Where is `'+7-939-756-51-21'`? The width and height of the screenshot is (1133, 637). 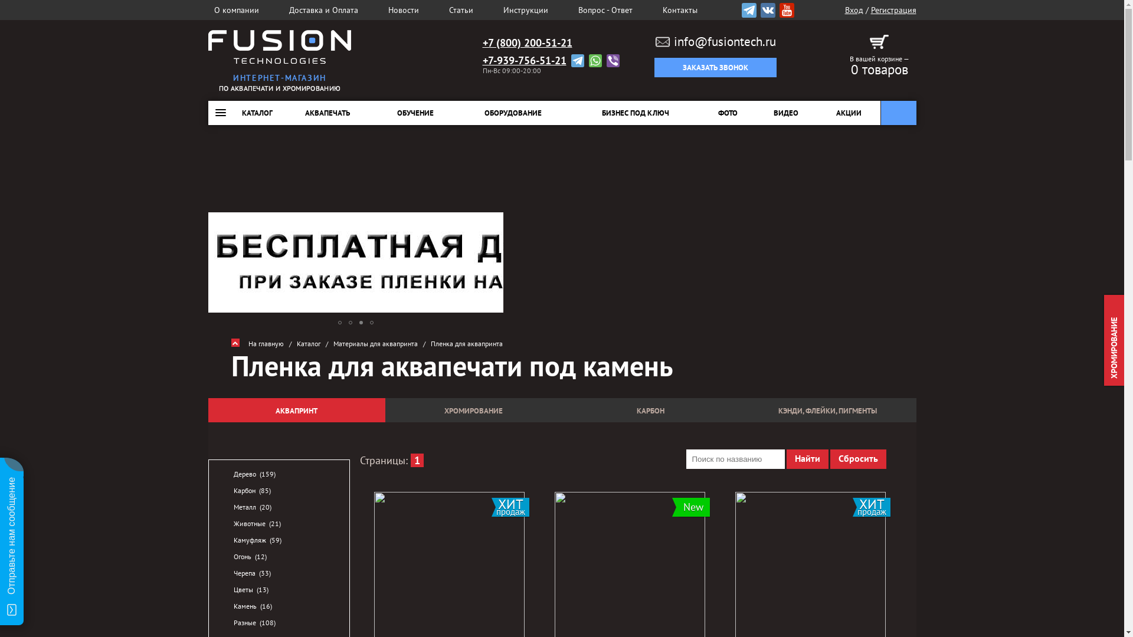 '+7-939-756-51-21' is located at coordinates (523, 61).